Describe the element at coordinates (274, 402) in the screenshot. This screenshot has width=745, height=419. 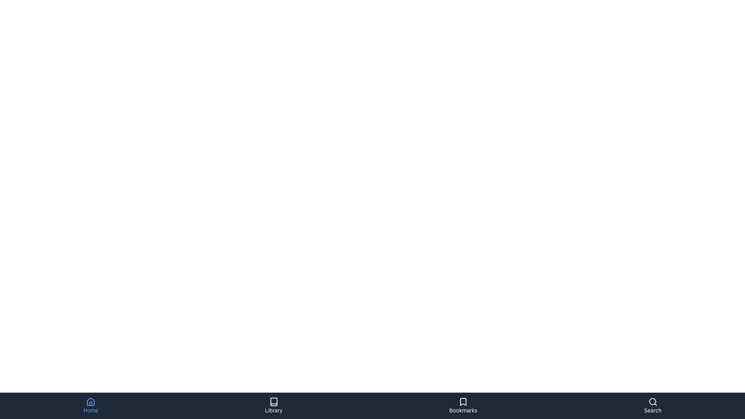
I see `the book icon, which is a line drawing with a rectangular body and rounded corners, located in the middle of the bottom bar of the interface above the 'Library' label` at that location.